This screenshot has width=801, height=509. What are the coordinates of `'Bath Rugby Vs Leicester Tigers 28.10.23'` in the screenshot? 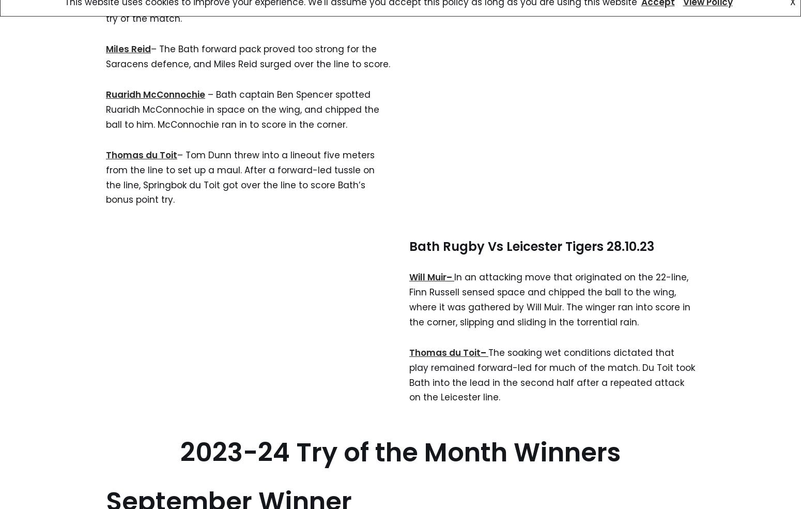 It's located at (532, 246).